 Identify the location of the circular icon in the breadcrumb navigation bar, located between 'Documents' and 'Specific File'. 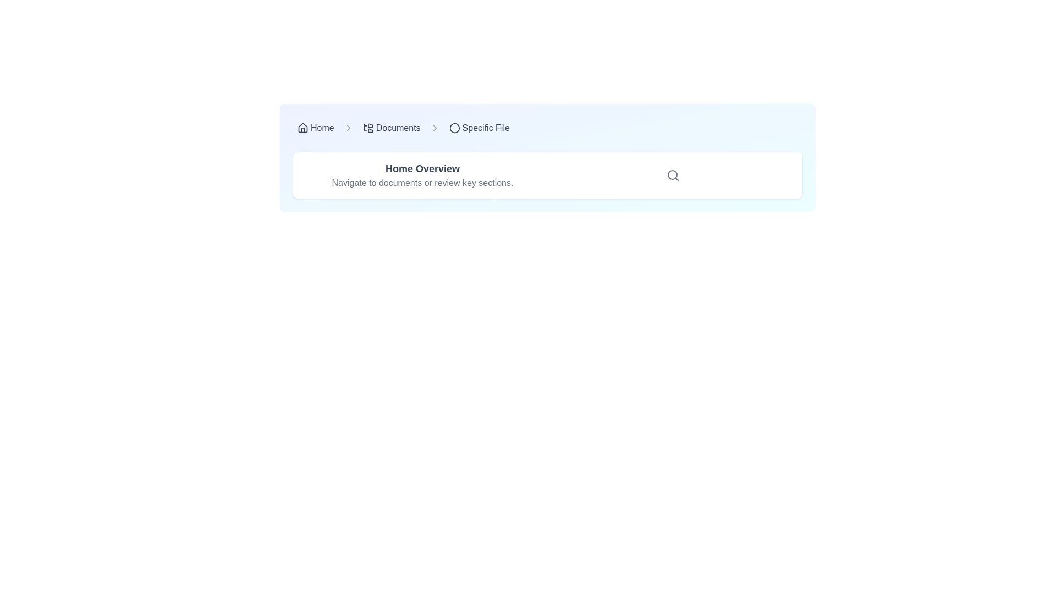
(454, 127).